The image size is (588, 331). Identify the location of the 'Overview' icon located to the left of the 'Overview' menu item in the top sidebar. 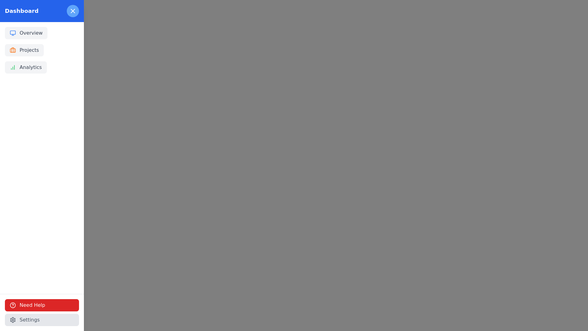
(13, 33).